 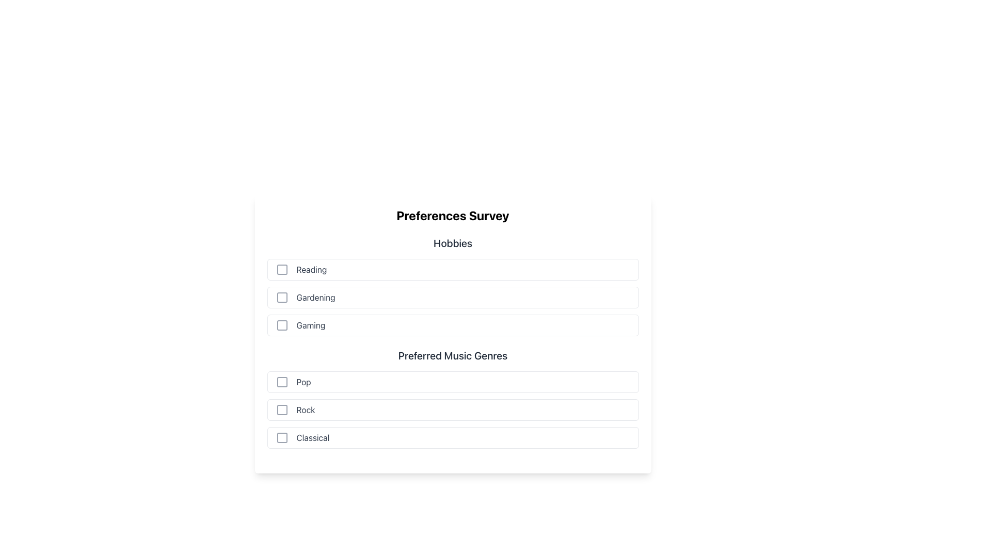 I want to click on the checkbox of the first list item labeled 'Reading' under the 'Hobbies' section in the 'Preferences Survey' form, so click(x=453, y=269).